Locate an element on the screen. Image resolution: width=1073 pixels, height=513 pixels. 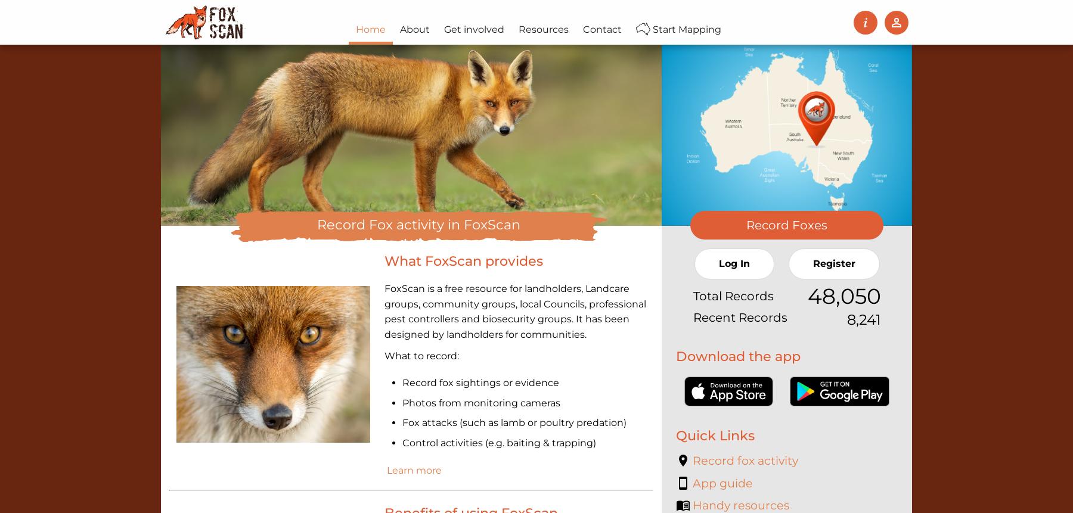
'Total Records' is located at coordinates (732, 296).